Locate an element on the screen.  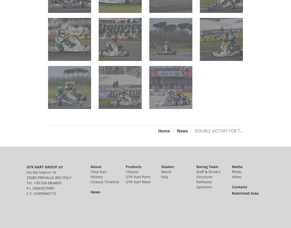
'About' is located at coordinates (96, 166).